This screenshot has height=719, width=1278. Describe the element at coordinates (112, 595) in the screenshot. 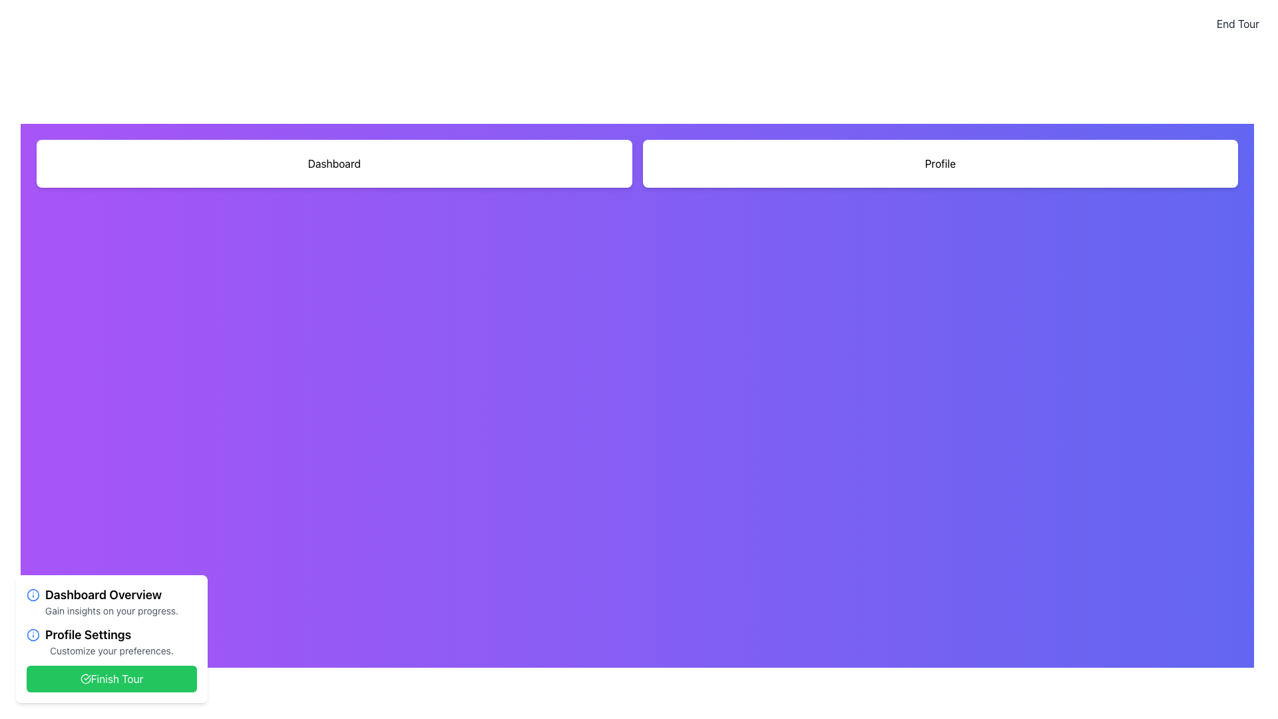

I see `text content 'Dashboard Overview' from the bold text with an information icon to its left, located at the top of the section` at that location.